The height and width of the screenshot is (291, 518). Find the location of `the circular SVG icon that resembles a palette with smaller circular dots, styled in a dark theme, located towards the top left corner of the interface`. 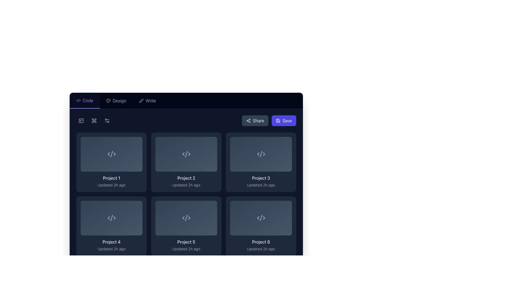

the circular SVG icon that resembles a palette with smaller circular dots, styled in a dark theme, located towards the top left corner of the interface is located at coordinates (108, 101).